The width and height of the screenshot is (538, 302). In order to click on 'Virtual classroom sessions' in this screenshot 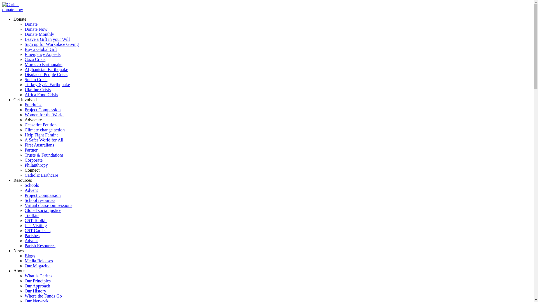, I will do `click(24, 205)`.